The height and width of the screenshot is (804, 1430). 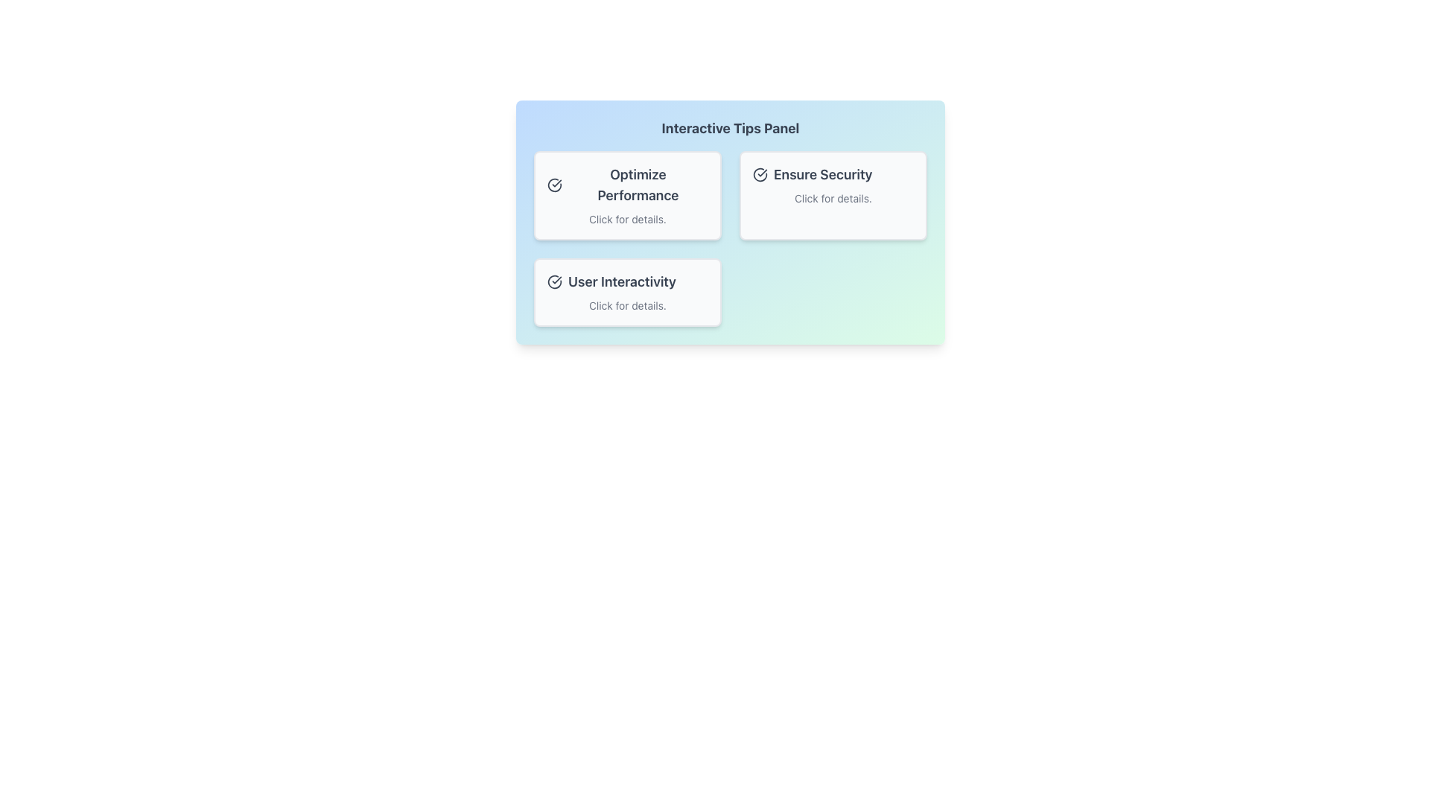 What do you see at coordinates (832, 197) in the screenshot?
I see `the text label that reads 'Click for details.' located below the main title within the 'Ensure Security' card` at bounding box center [832, 197].